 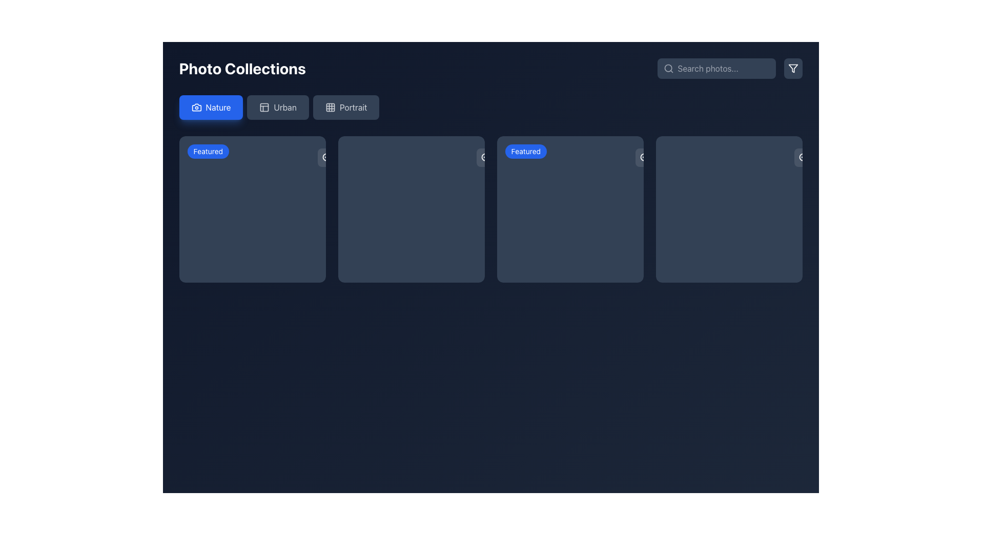 I want to click on the circular search icon, which is a light gray magnifying glass shape located inside the search field adjacent to the placeholder text 'Search photos...', so click(x=668, y=69).